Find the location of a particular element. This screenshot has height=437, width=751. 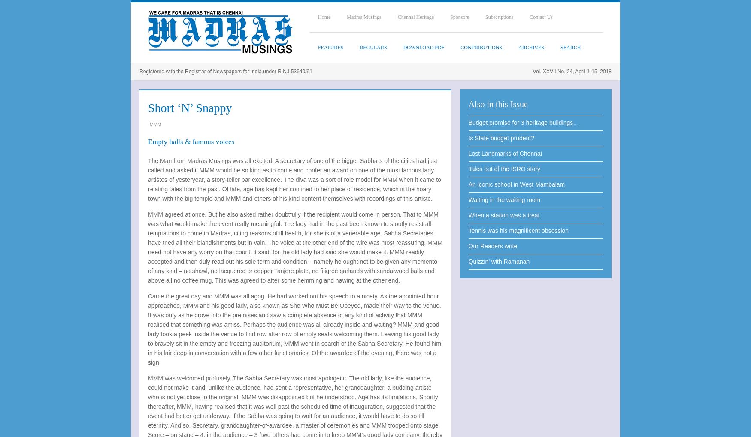

'Also in this Issue' is located at coordinates (468, 104).